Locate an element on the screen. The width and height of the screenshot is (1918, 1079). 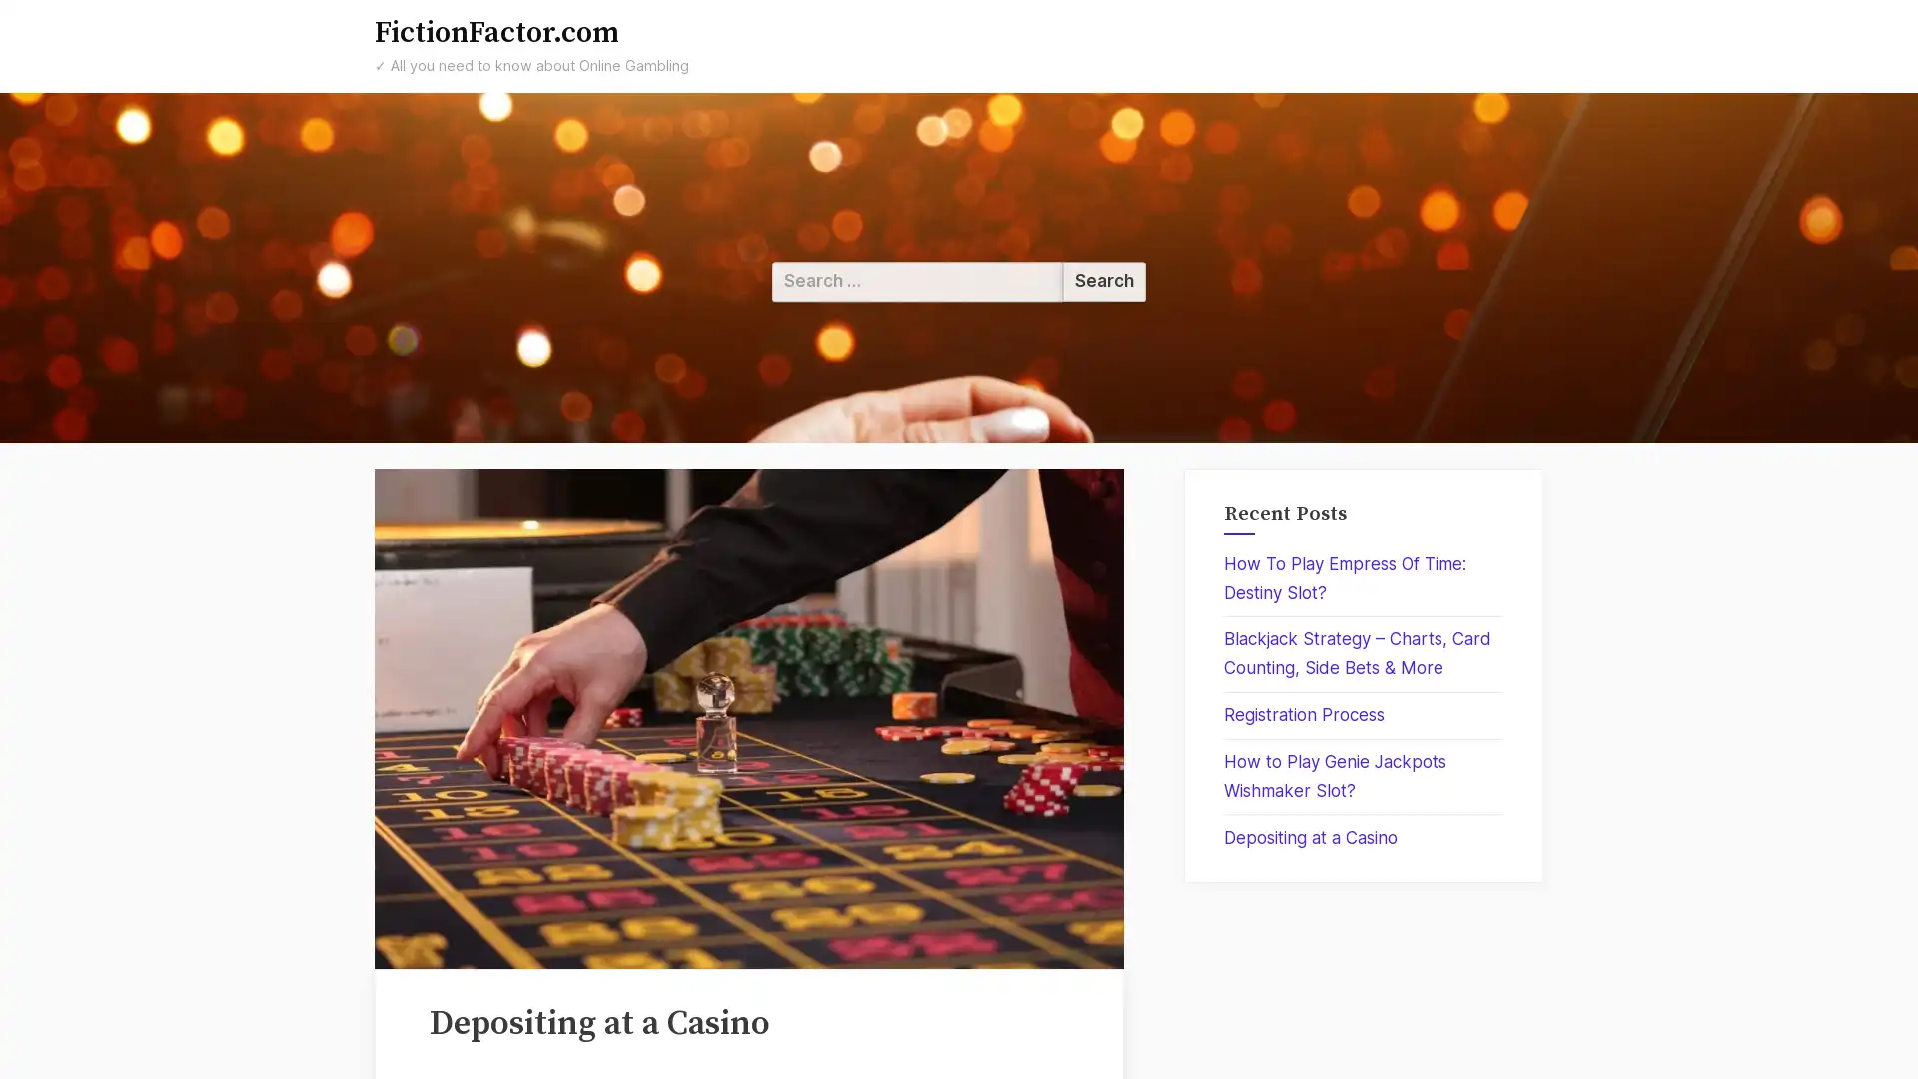
Search is located at coordinates (1103, 281).